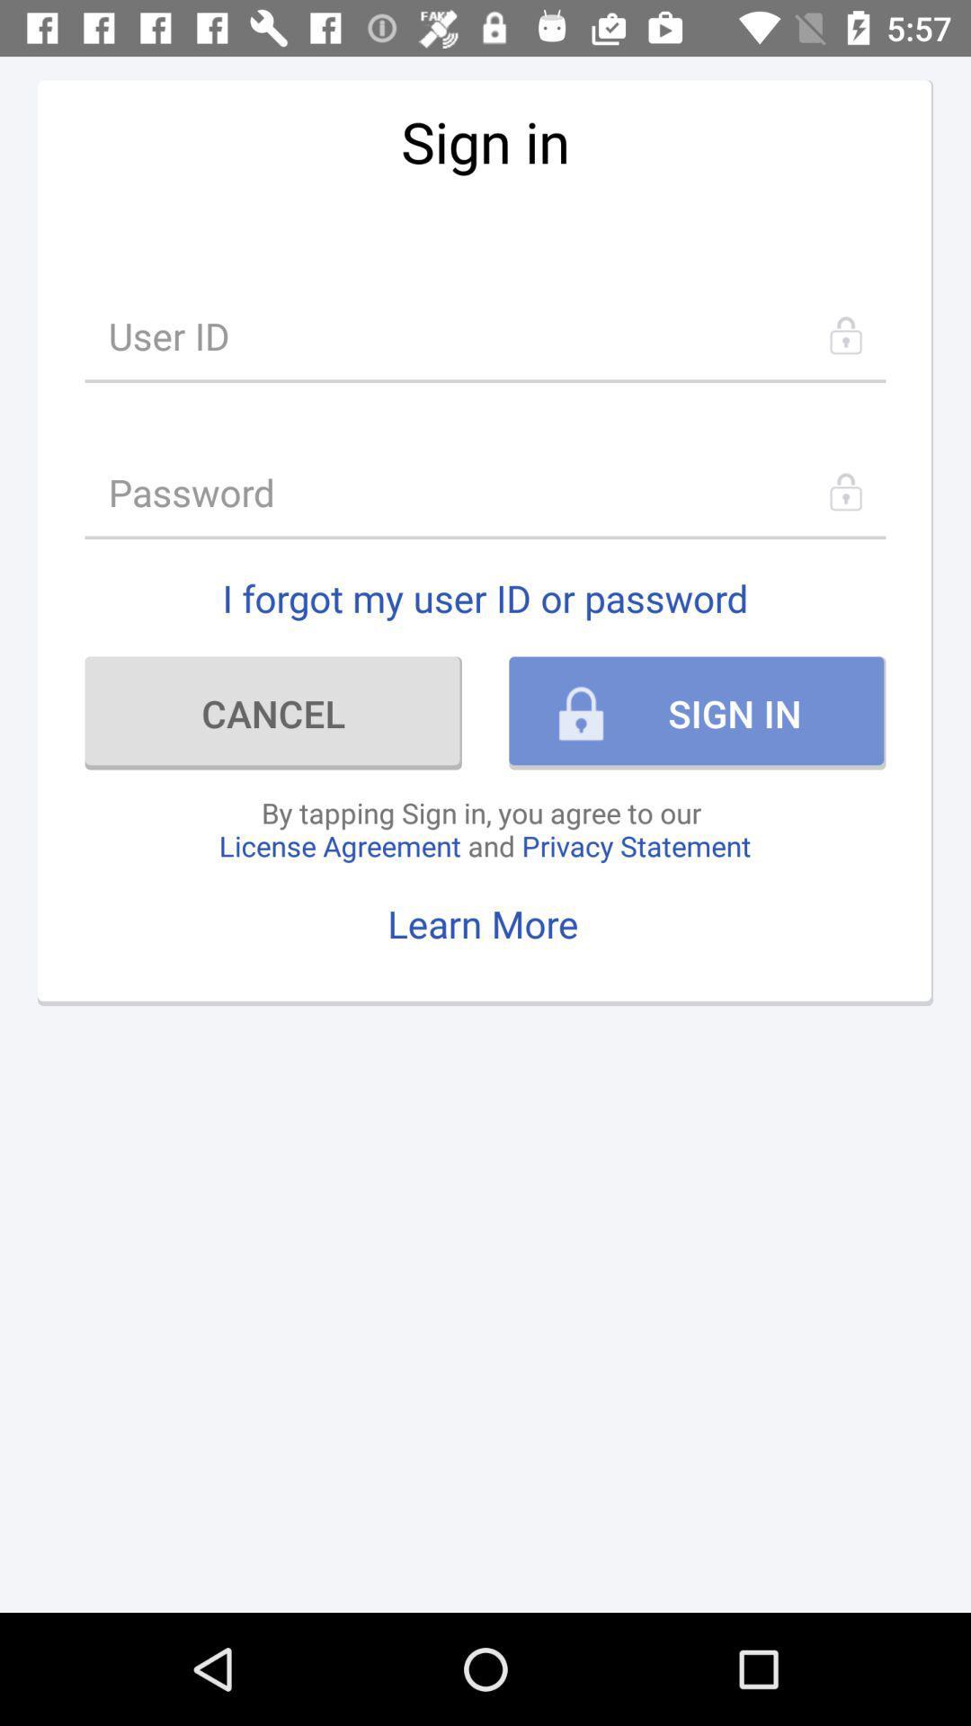 The width and height of the screenshot is (971, 1726). What do you see at coordinates (485, 492) in the screenshot?
I see `icon above i forgot my` at bounding box center [485, 492].